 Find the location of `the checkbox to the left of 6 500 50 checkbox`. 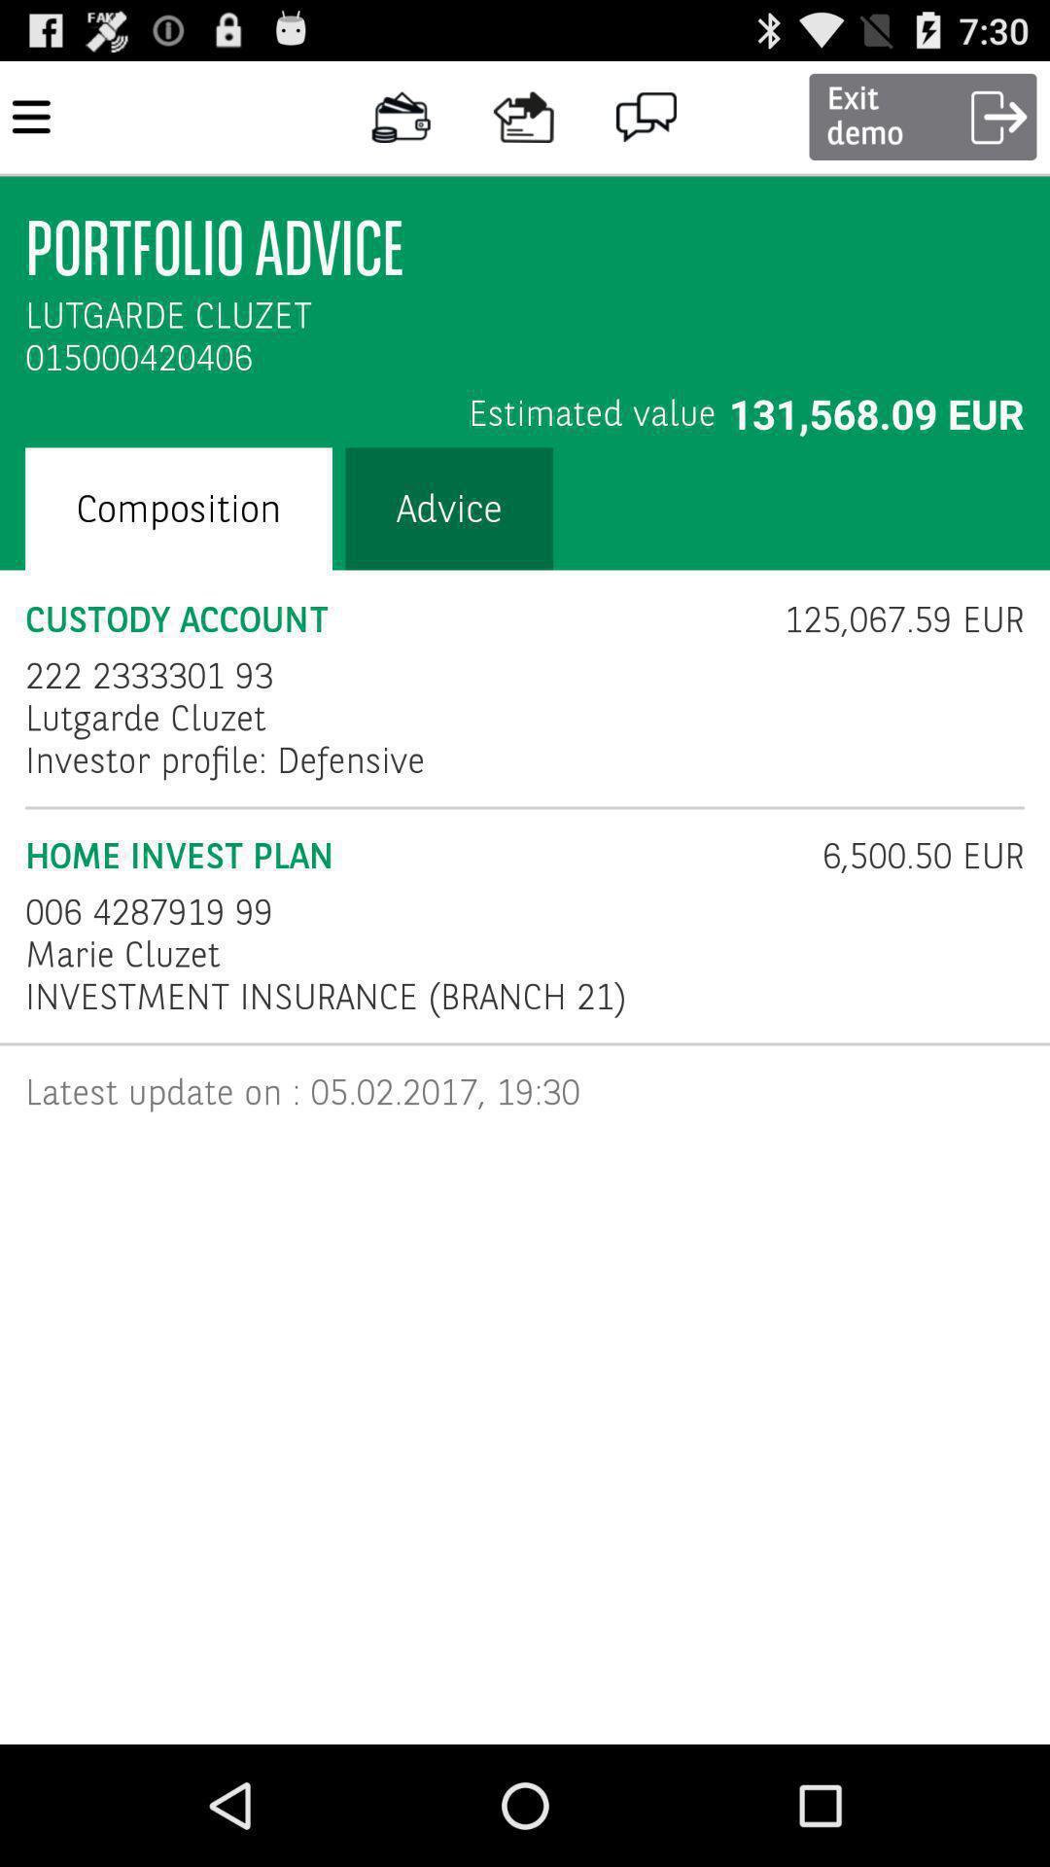

the checkbox to the left of 6 500 50 checkbox is located at coordinates (148, 911).